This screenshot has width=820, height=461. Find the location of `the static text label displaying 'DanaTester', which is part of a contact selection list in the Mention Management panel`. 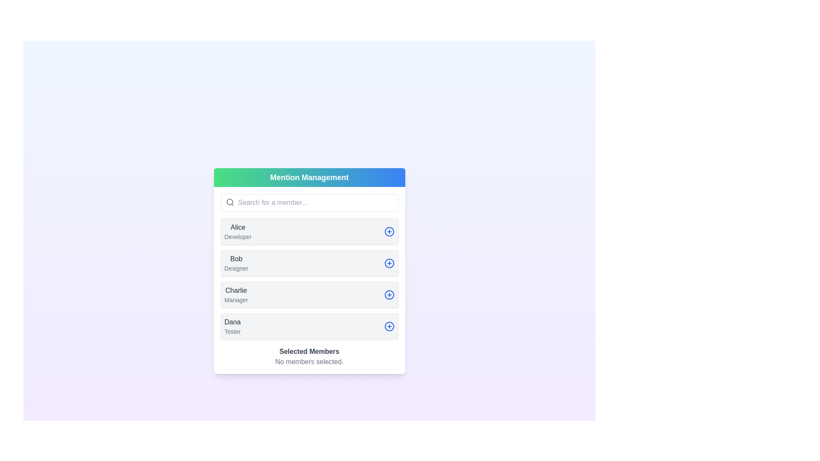

the static text label displaying 'DanaTester', which is part of a contact selection list in the Mention Management panel is located at coordinates (232, 322).